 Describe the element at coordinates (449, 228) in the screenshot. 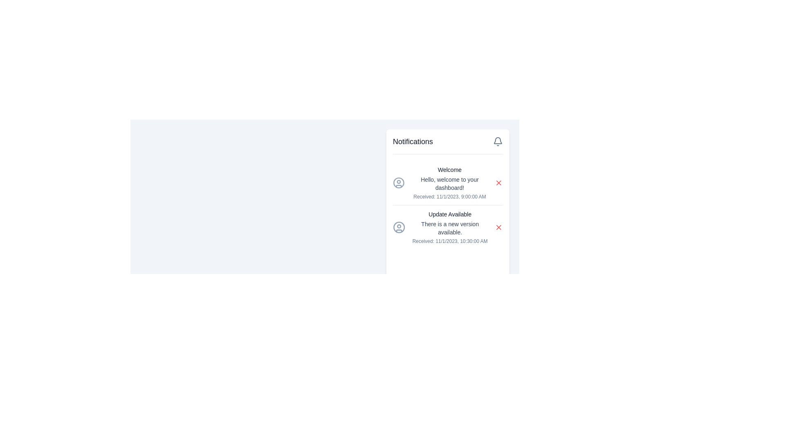

I see `the text label that displays 'There is a new version available.'` at that location.